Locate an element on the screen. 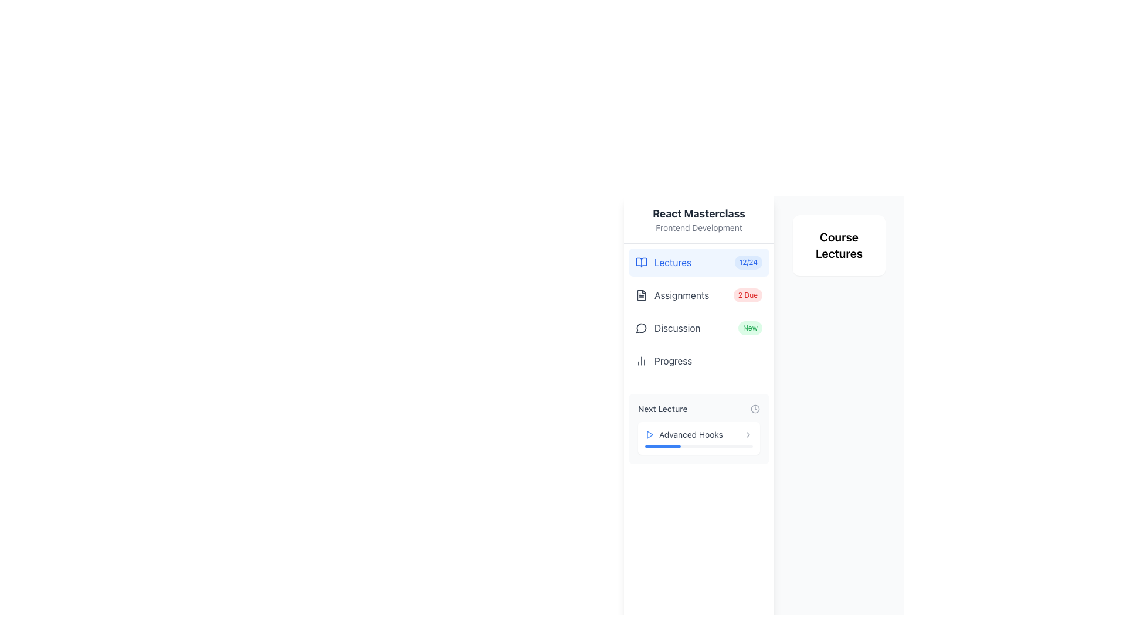 This screenshot has height=633, width=1126. the circular SVG graphical element that symbolizes a clock or time-related function, located within the sidebar section near the 'Next Lecture' label is located at coordinates (755, 409).